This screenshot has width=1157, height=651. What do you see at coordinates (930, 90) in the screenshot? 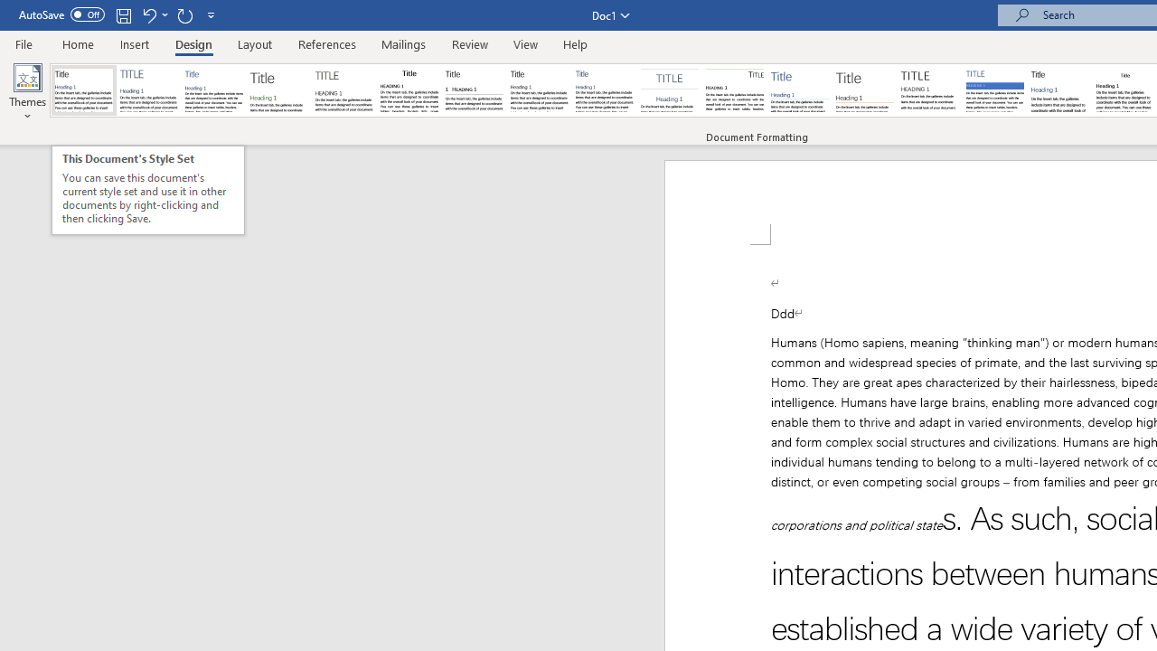
I see `'Minimalist'` at bounding box center [930, 90].